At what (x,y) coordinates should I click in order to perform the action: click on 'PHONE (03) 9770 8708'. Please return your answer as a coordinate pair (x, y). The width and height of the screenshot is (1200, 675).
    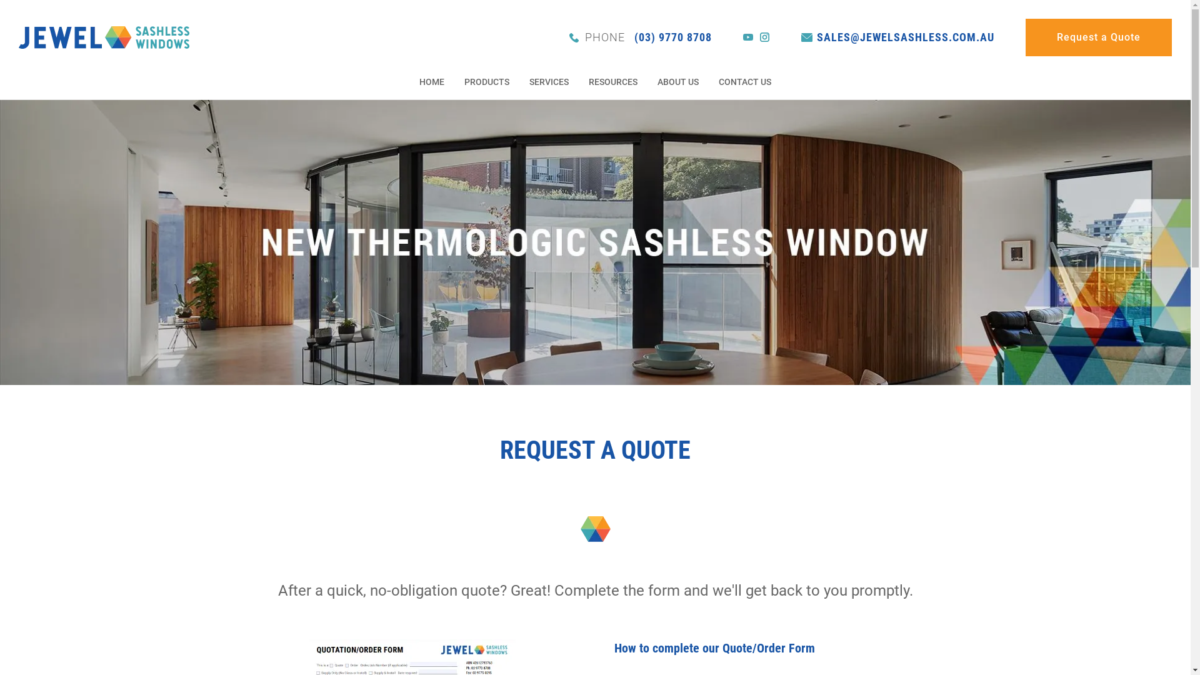
    Looking at the image, I should click on (641, 36).